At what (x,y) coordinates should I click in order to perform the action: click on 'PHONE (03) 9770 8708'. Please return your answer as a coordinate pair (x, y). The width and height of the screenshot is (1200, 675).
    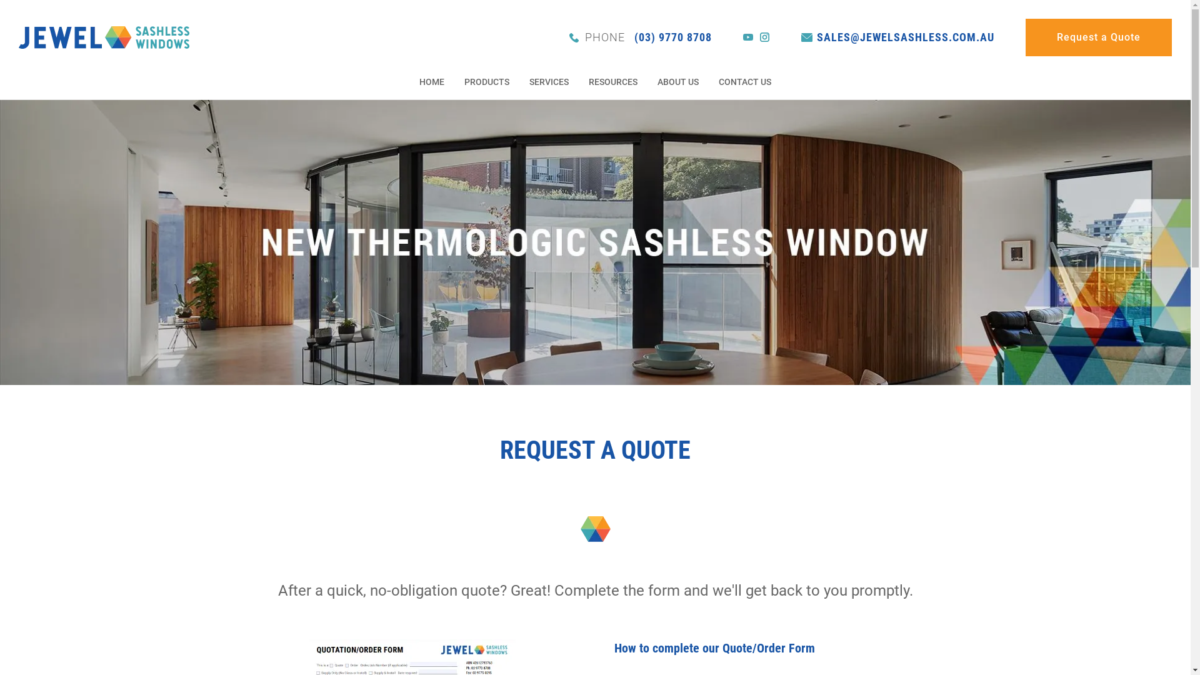
    Looking at the image, I should click on (641, 36).